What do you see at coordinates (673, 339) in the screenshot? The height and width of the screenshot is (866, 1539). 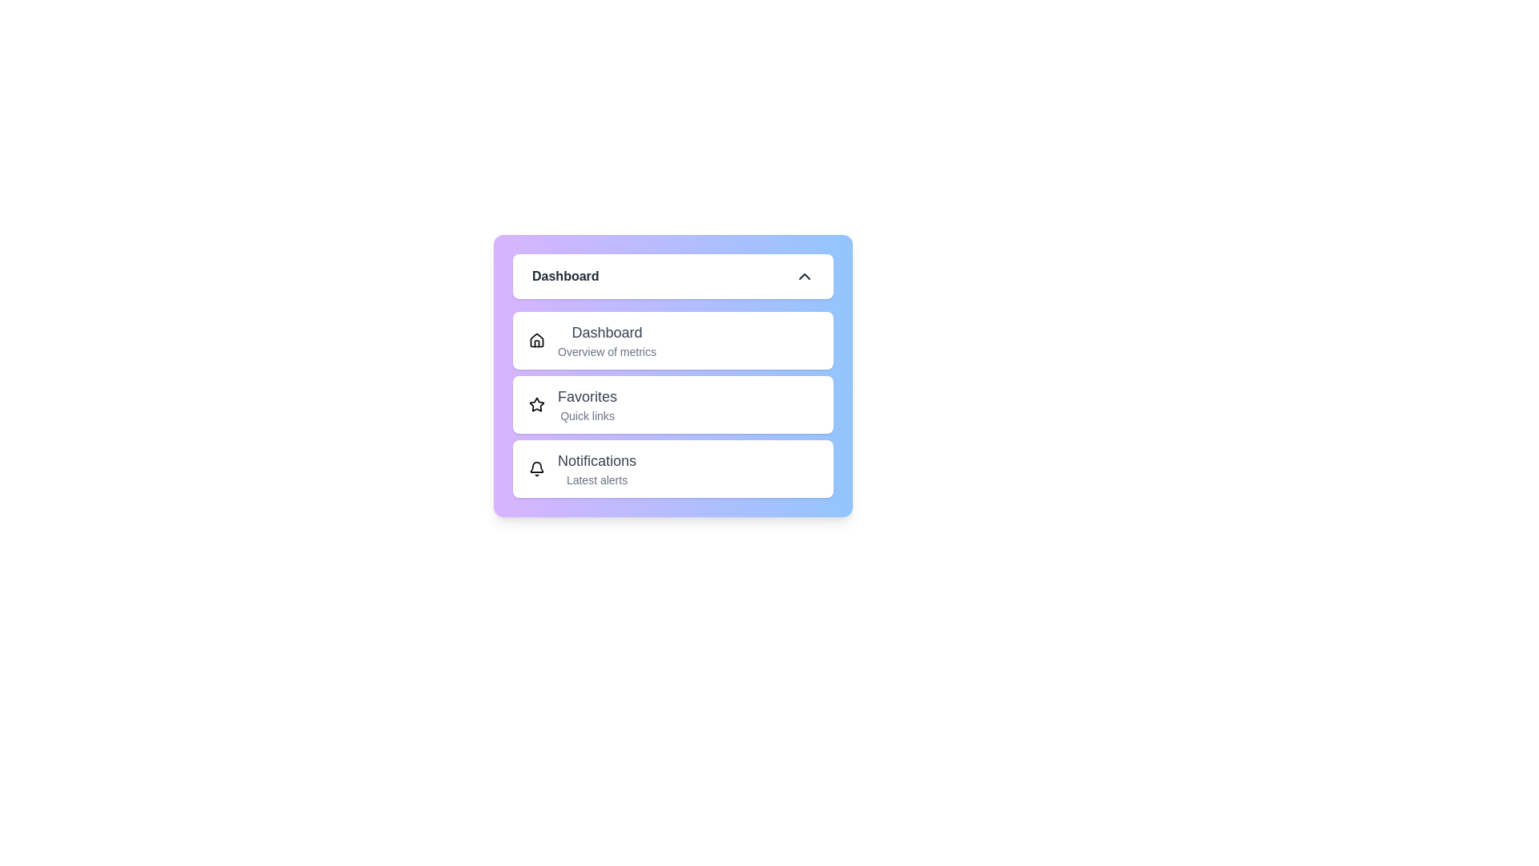 I see `the menu item Dashboard from the list` at bounding box center [673, 339].